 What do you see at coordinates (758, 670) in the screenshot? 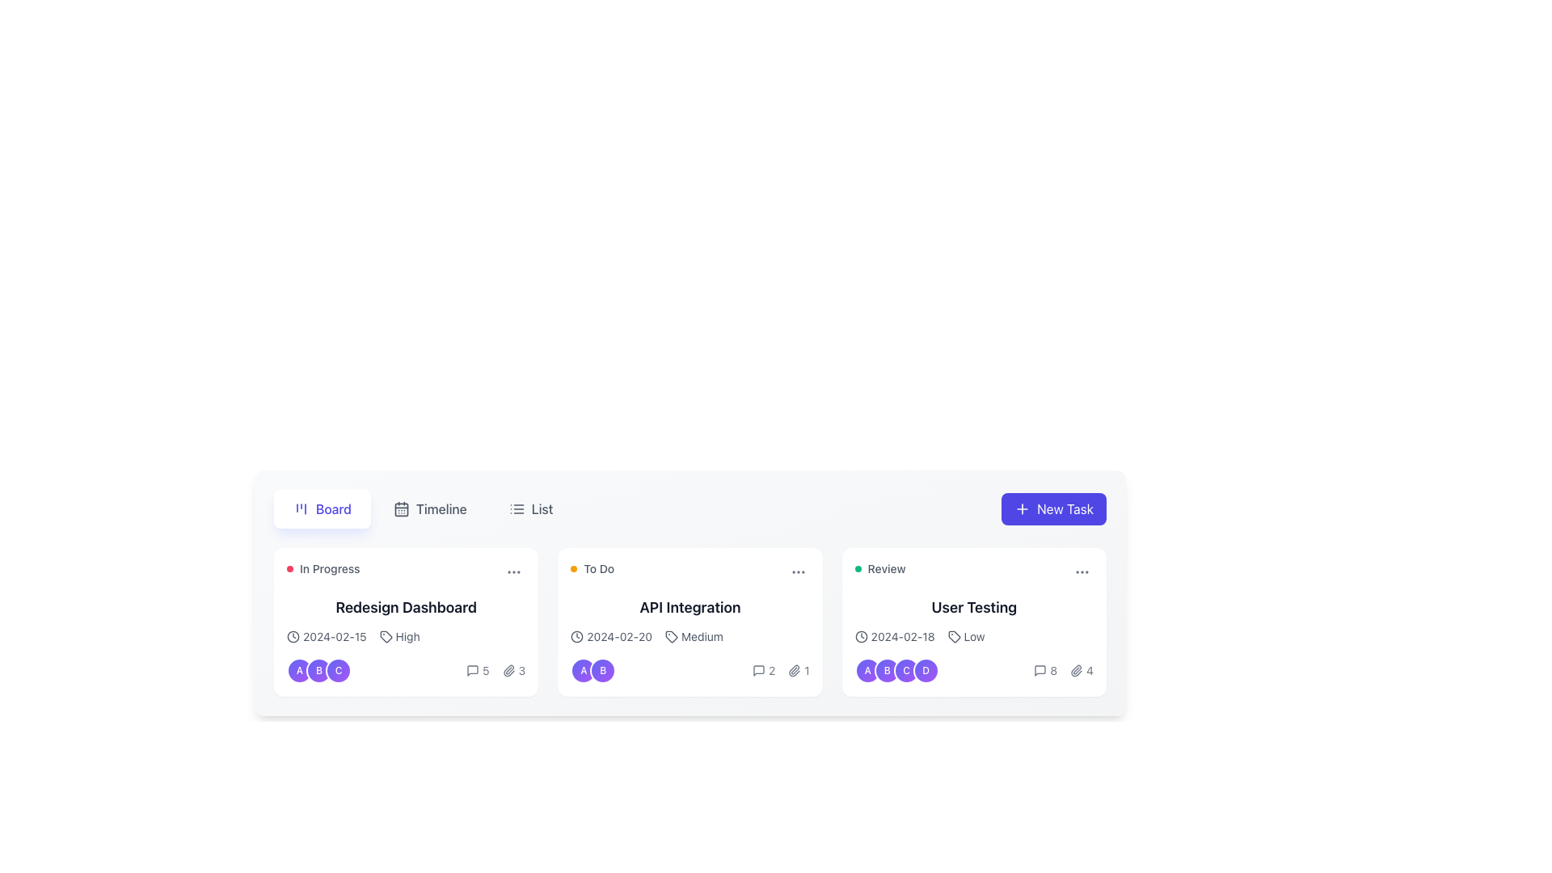
I see `the small speech bubble icon with a tail pointing to the bottom left, located in the 'API Integration' card under the 'To Do' column, towards the lower right section of the card` at bounding box center [758, 670].